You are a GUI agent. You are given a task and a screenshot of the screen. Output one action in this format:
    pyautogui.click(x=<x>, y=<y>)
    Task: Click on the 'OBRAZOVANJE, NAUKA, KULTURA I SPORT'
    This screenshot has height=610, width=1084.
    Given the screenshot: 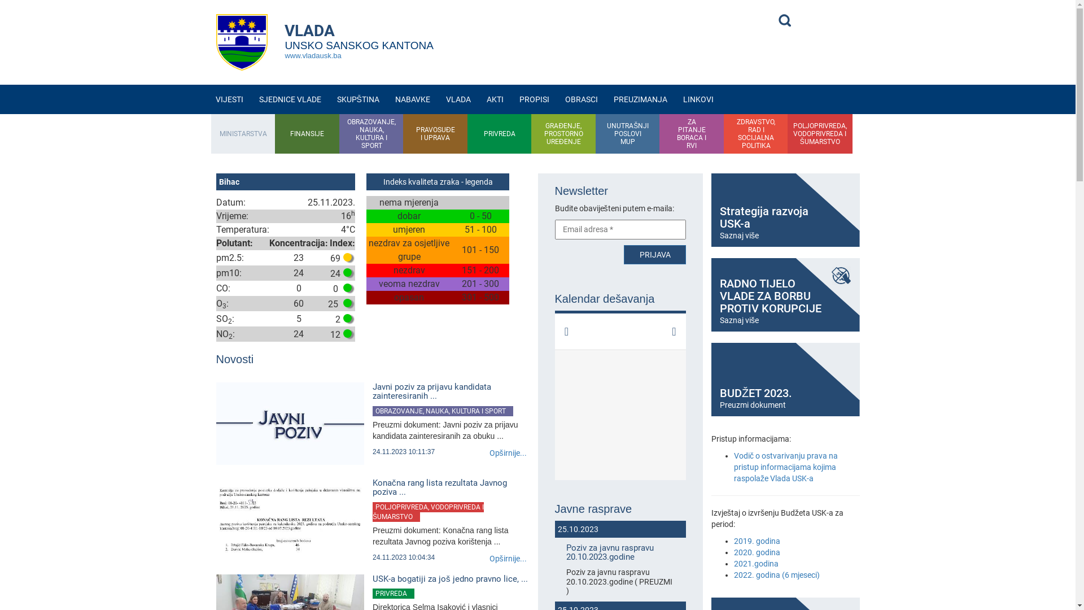 What is the action you would take?
    pyautogui.click(x=442, y=411)
    